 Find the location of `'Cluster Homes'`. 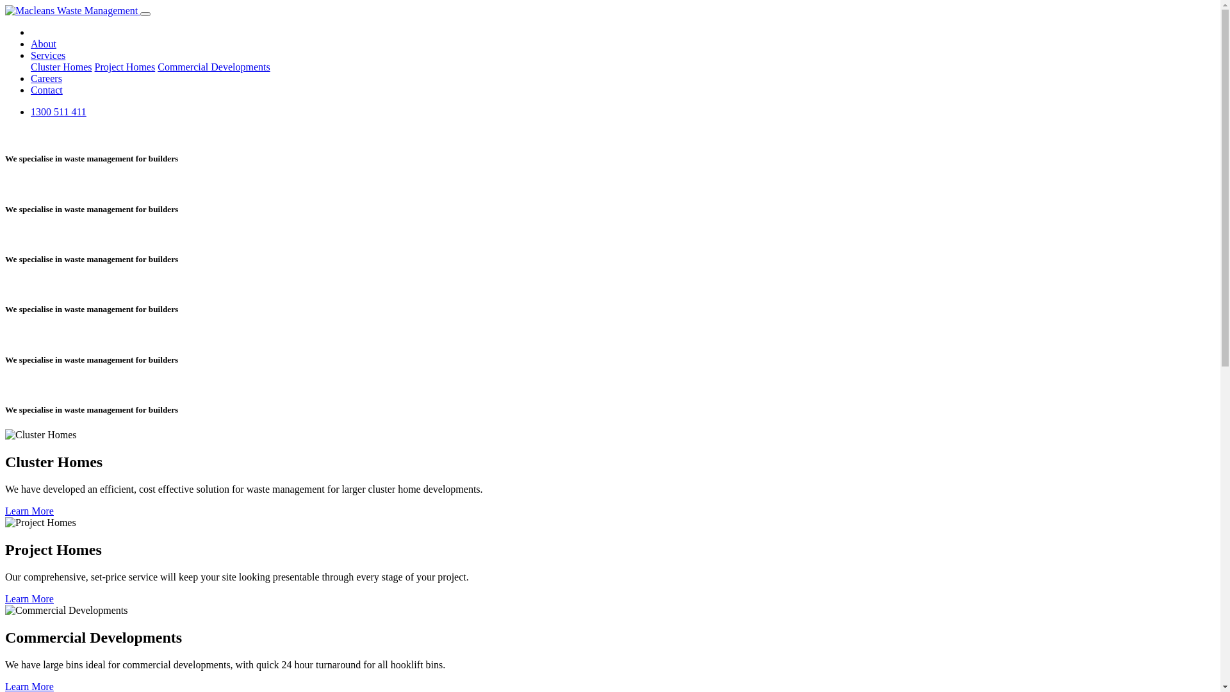

'Cluster Homes' is located at coordinates (31, 67).